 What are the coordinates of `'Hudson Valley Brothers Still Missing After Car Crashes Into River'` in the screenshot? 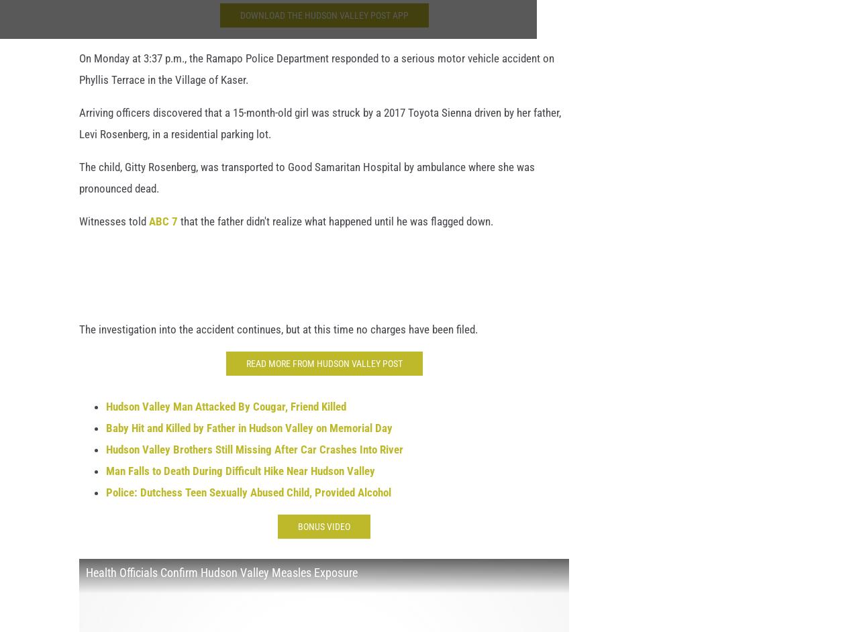 It's located at (254, 456).